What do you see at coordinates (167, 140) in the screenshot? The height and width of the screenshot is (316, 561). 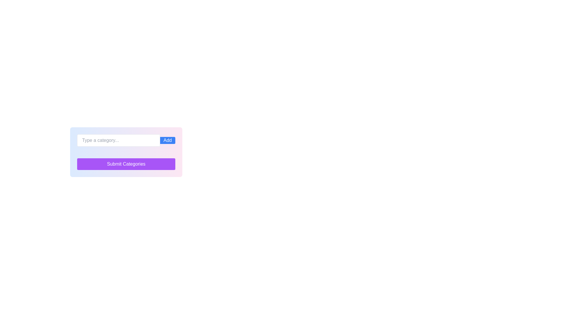 I see `the button located at the far-right side of the 'Type a category...' input field` at bounding box center [167, 140].